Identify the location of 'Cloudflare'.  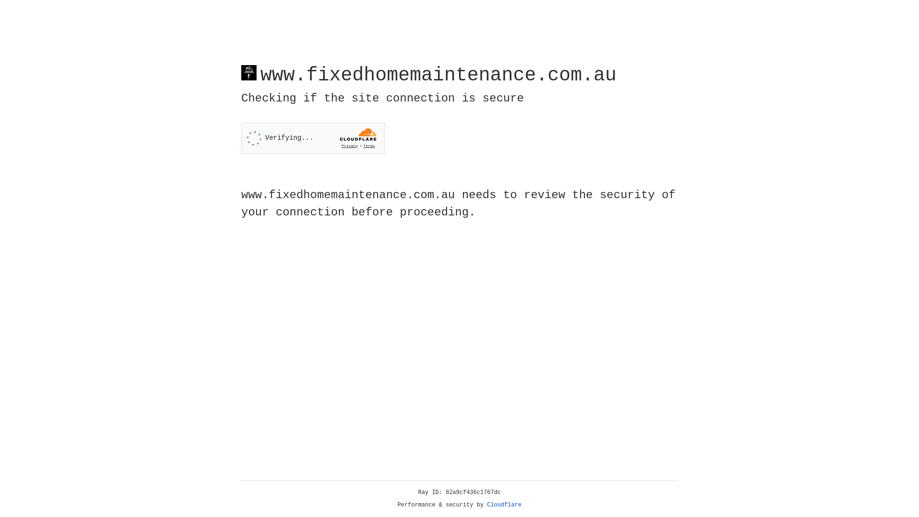
(504, 505).